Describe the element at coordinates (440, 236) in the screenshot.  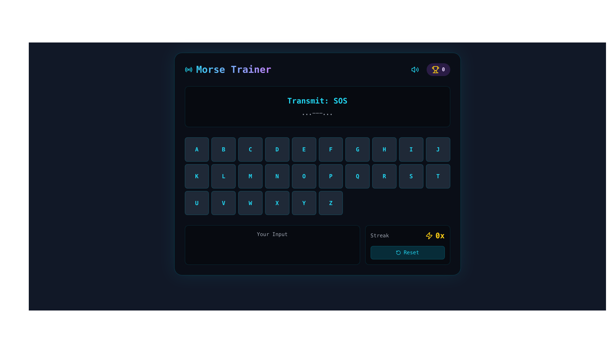
I see `the static text displaying the counter or status indicator in the 'Streak' section, located to the right of the yellow lightning icon in the lower-right panel` at that location.